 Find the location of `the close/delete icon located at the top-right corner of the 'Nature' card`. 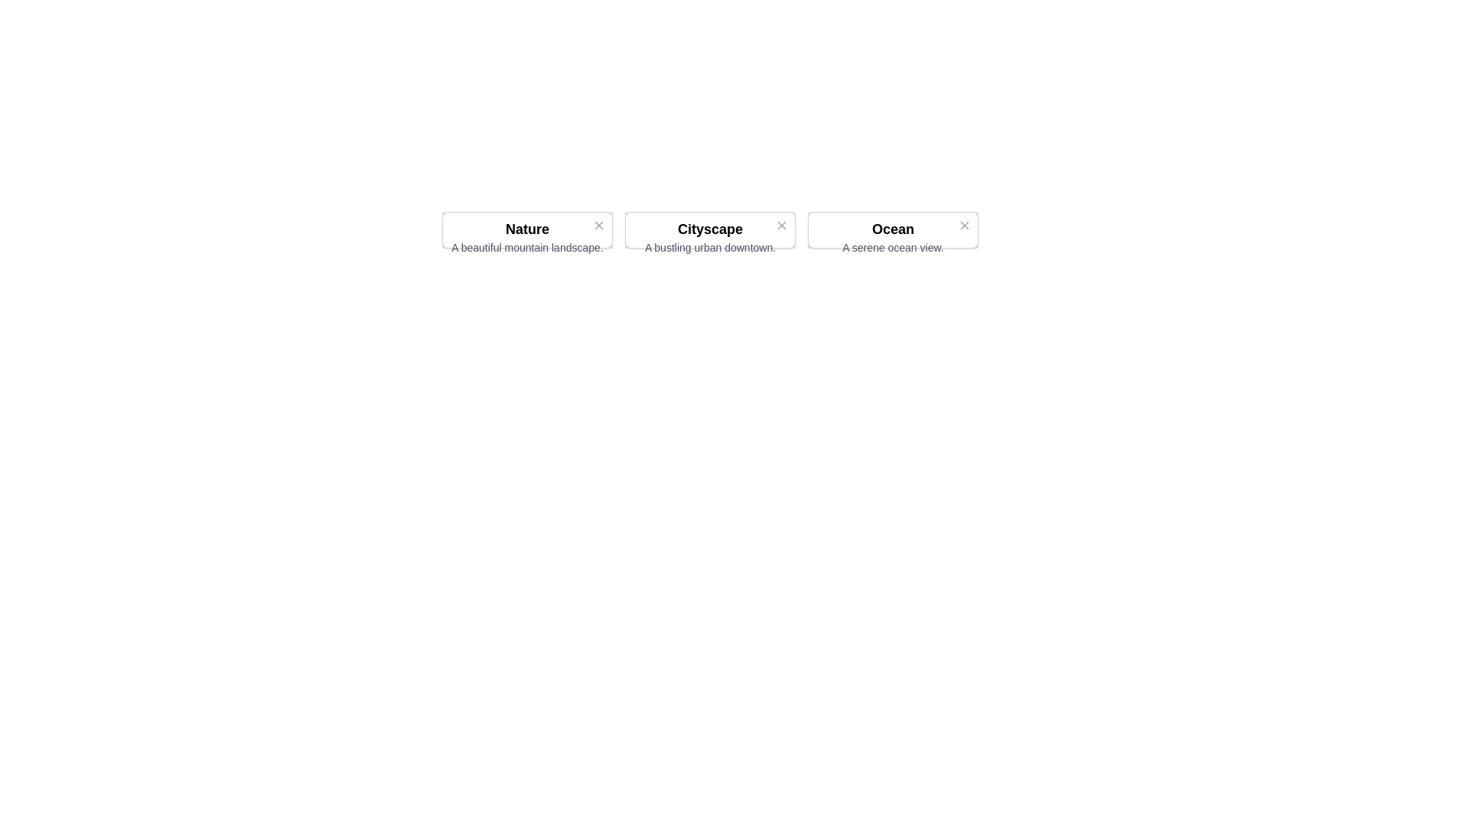

the close/delete icon located at the top-right corner of the 'Nature' card is located at coordinates (598, 228).